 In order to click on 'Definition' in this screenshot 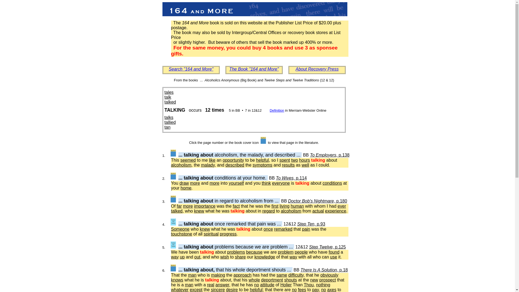, I will do `click(277, 110)`.